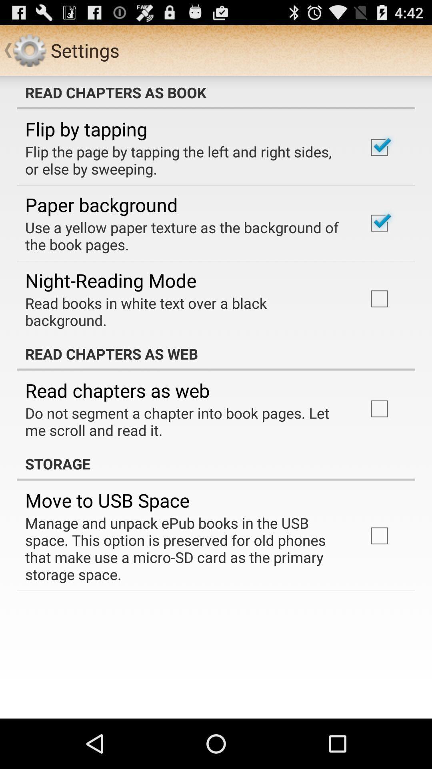  What do you see at coordinates (185, 421) in the screenshot?
I see `the do not segment item` at bounding box center [185, 421].